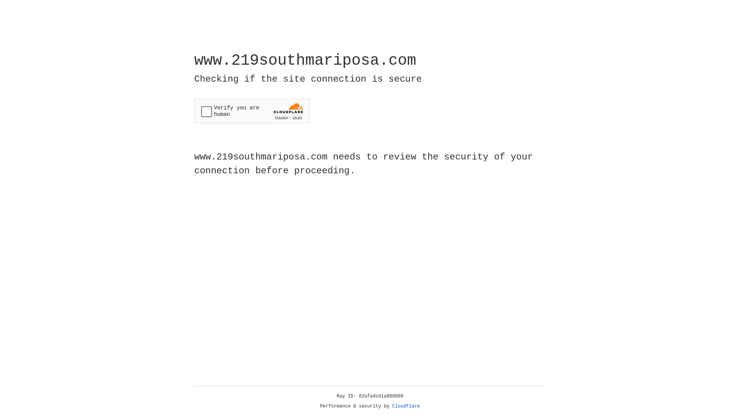 The width and height of the screenshot is (740, 416). What do you see at coordinates (406, 406) in the screenshot?
I see `'Cloudflare'` at bounding box center [406, 406].